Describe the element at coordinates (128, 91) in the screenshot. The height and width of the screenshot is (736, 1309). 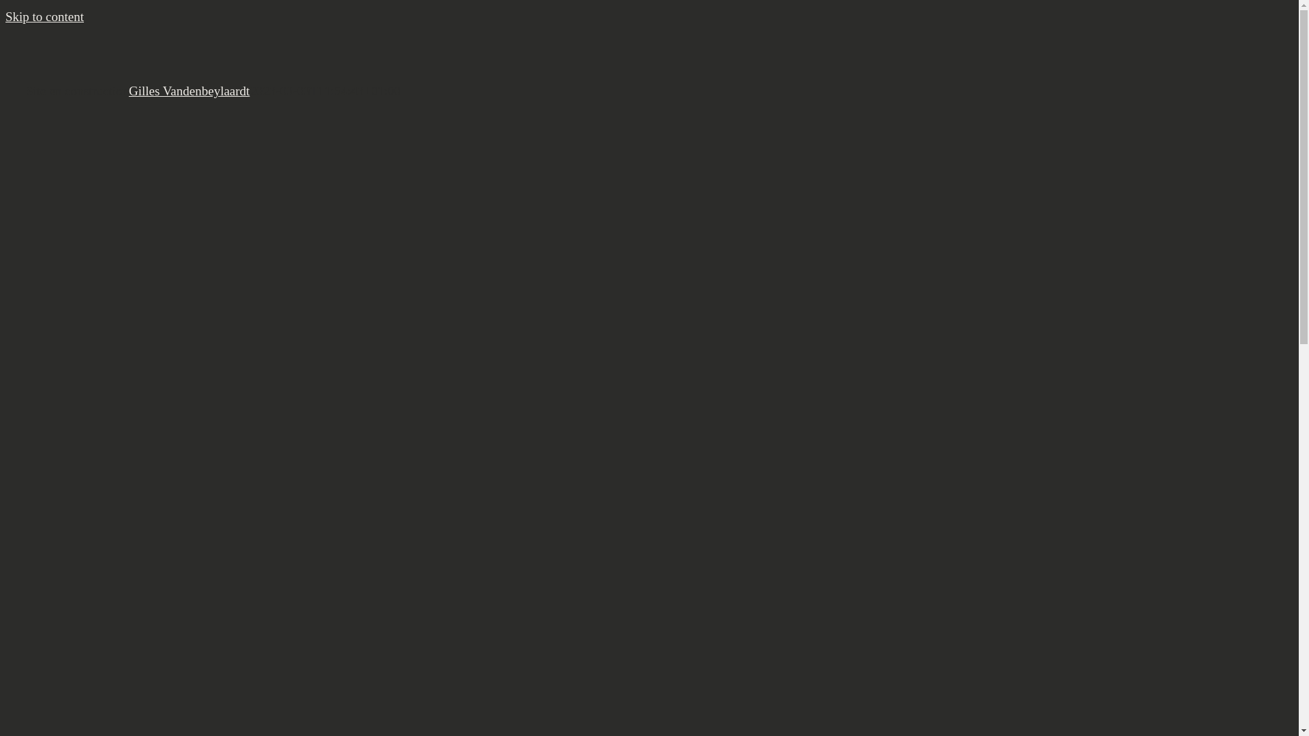
I see `'Gilles Vandenbeylaardt'` at that location.